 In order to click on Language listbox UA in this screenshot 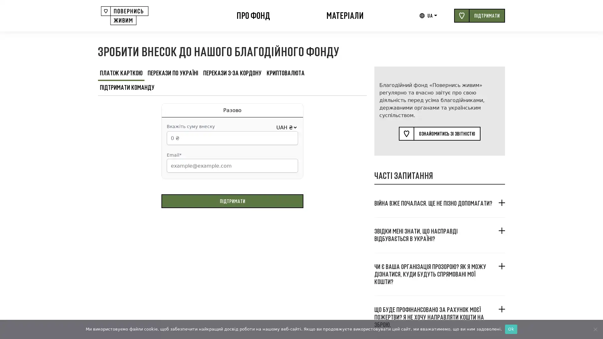, I will do `click(432, 15)`.